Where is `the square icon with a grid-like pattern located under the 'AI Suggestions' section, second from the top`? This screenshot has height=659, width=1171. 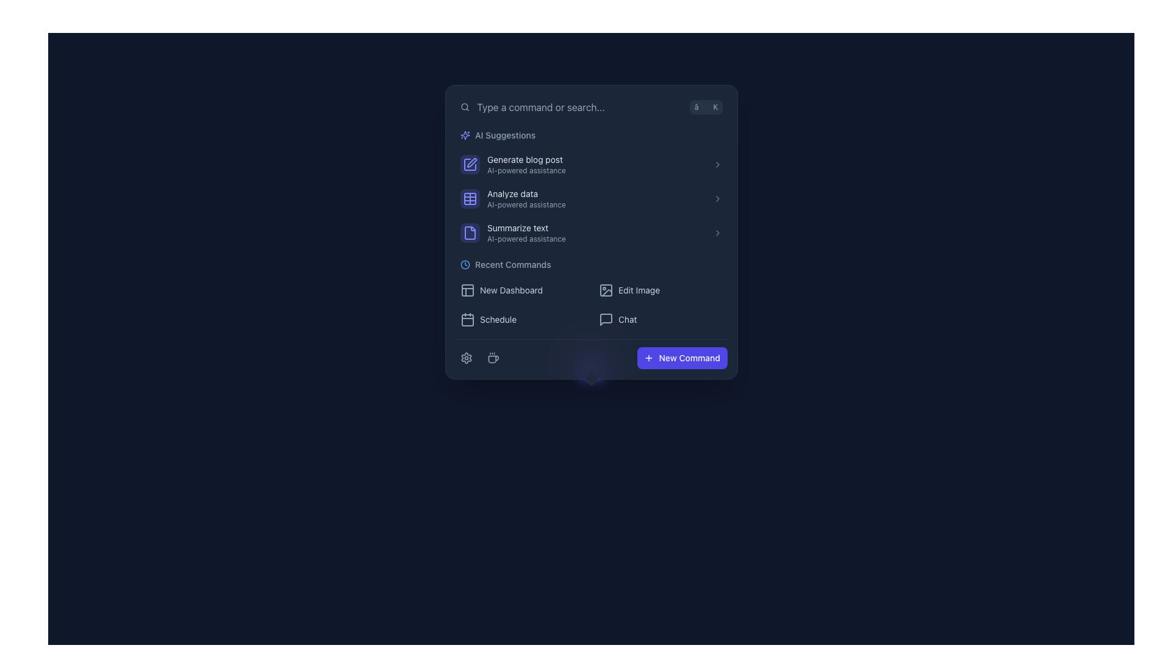
the square icon with a grid-like pattern located under the 'AI Suggestions' section, second from the top is located at coordinates (469, 198).